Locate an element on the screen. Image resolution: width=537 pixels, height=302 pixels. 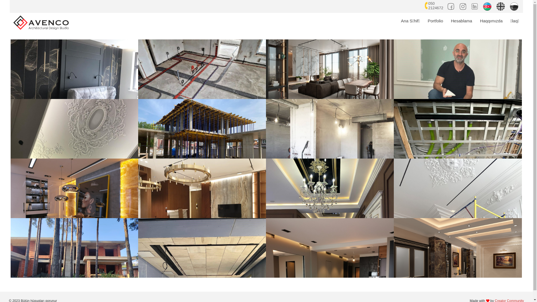
'Hesablama' is located at coordinates (447, 20).